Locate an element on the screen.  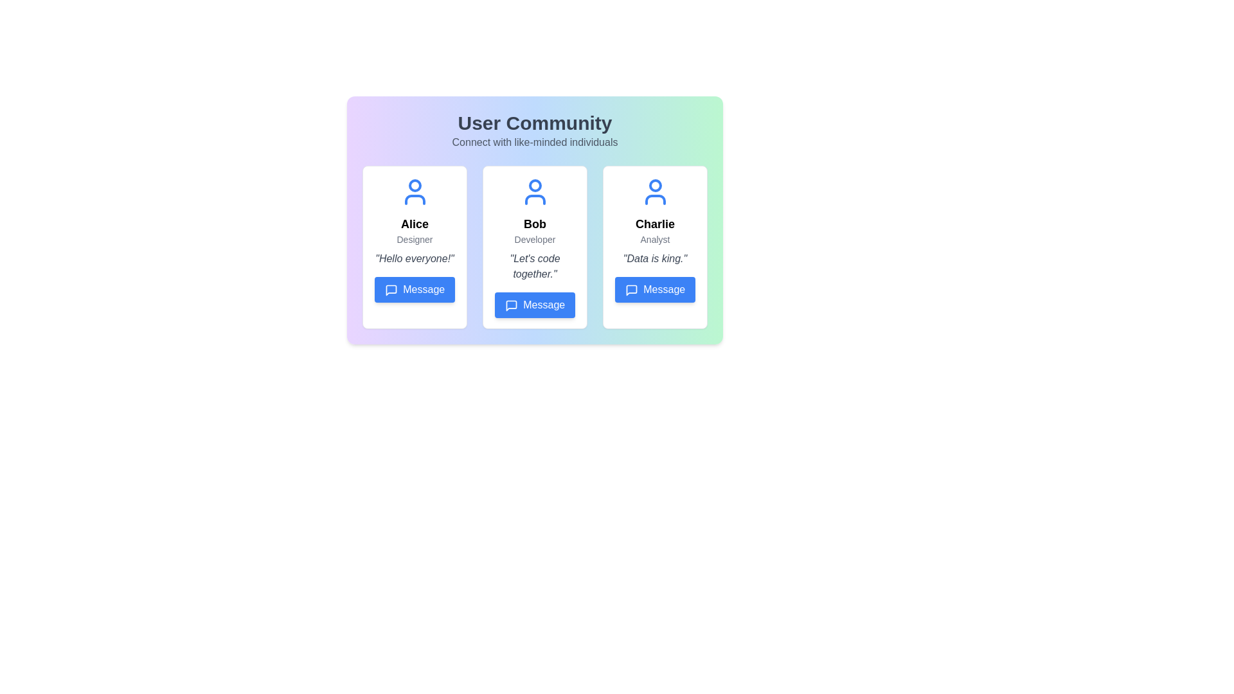
the text label displaying 'Designer' located directly beneath the user's name 'Alice' in the first user card is located at coordinates (415, 240).